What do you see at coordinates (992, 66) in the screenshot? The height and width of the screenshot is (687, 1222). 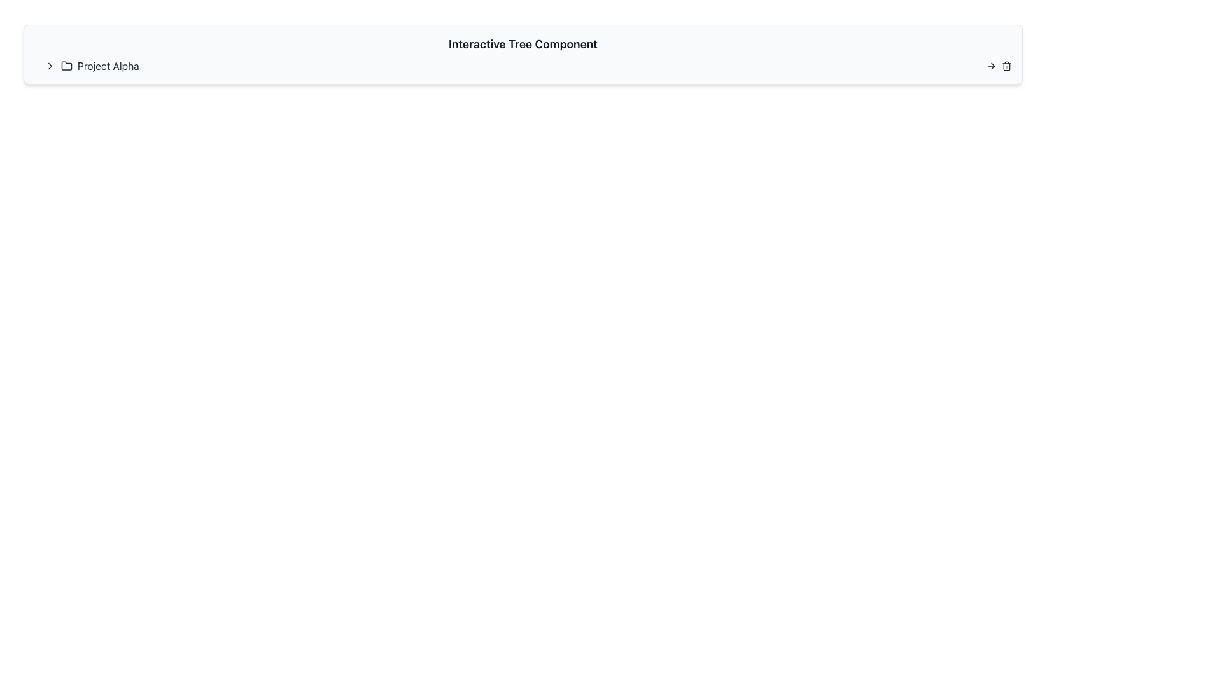 I see `the small rightward-pointing arrow glyph located on the top-right side of the interface` at bounding box center [992, 66].